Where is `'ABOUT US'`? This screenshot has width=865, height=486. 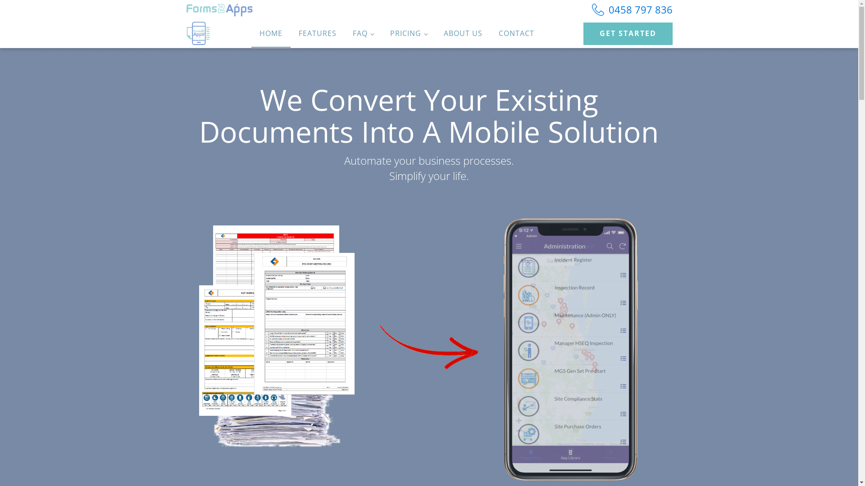 'ABOUT US' is located at coordinates (463, 33).